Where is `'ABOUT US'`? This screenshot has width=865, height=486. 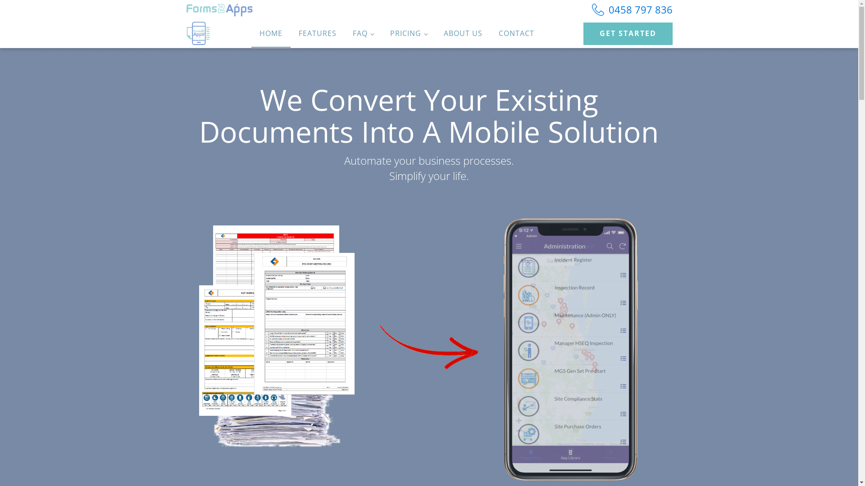 'ABOUT US' is located at coordinates (463, 33).